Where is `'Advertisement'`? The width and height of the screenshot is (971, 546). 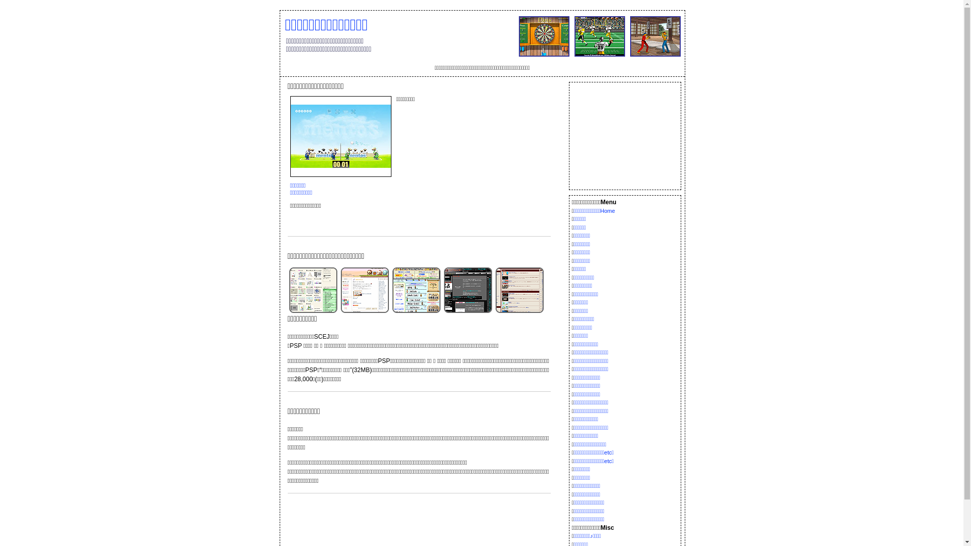
'Advertisement' is located at coordinates (625, 134).